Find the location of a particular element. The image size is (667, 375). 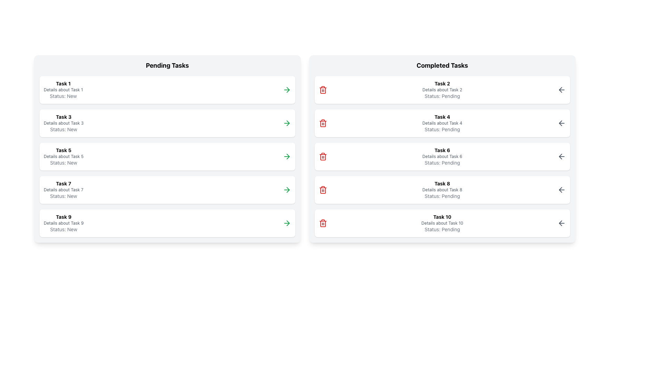

the text label that reads 'Status: New', which is styled in gray and located beneath 'Details about Task 1' in the 'Pending Tasks' section, specifically under the first task card labeled 'Task 1' is located at coordinates (63, 96).